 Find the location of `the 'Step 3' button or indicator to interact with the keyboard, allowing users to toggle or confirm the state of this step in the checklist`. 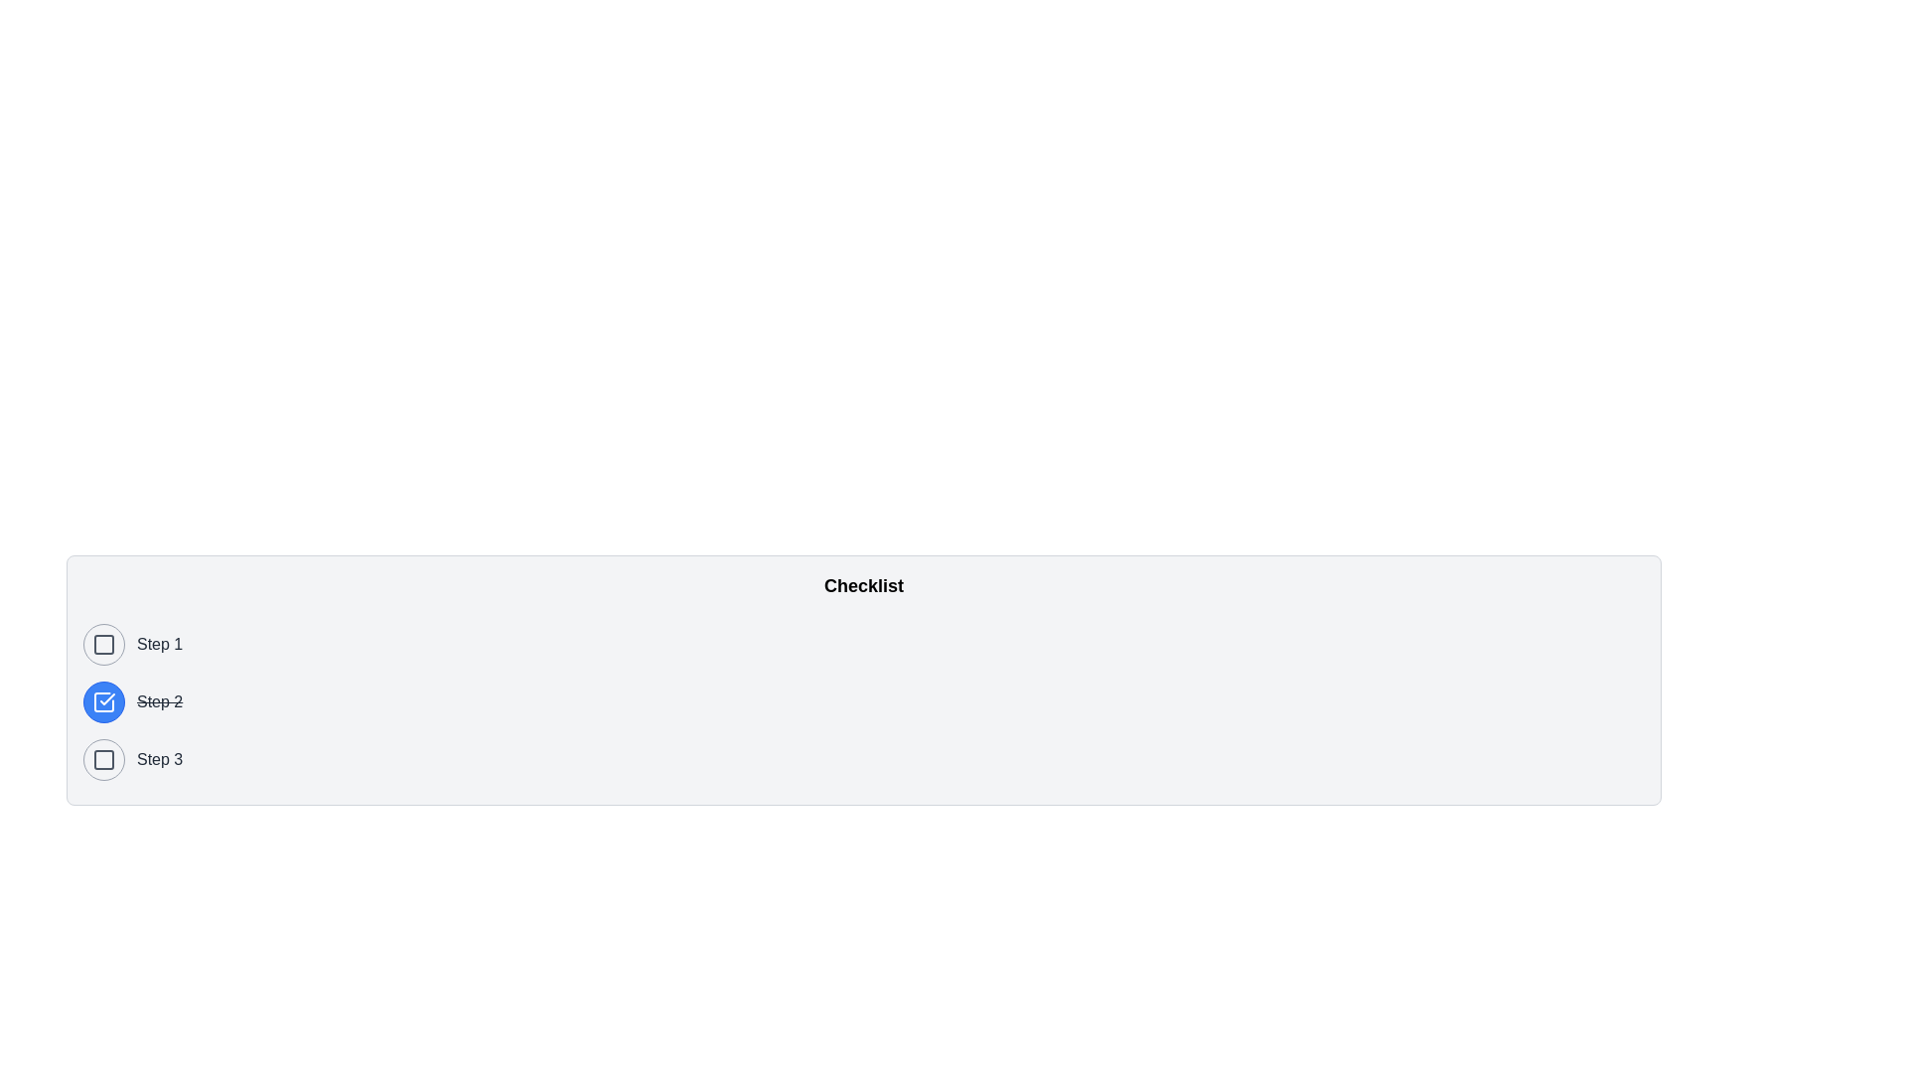

the 'Step 3' button or indicator to interact with the keyboard, allowing users to toggle or confirm the state of this step in the checklist is located at coordinates (103, 759).